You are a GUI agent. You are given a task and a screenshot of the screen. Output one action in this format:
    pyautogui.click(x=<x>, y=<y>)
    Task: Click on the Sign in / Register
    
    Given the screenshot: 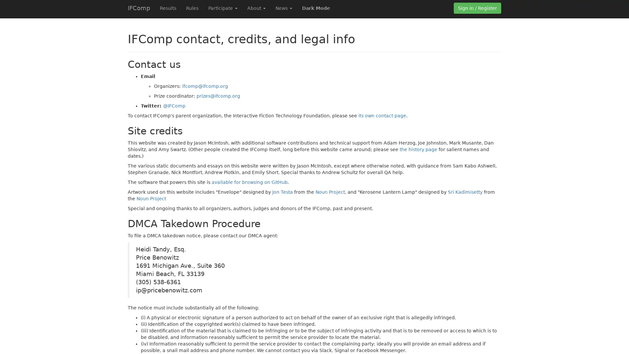 What is the action you would take?
    pyautogui.click(x=477, y=8)
    